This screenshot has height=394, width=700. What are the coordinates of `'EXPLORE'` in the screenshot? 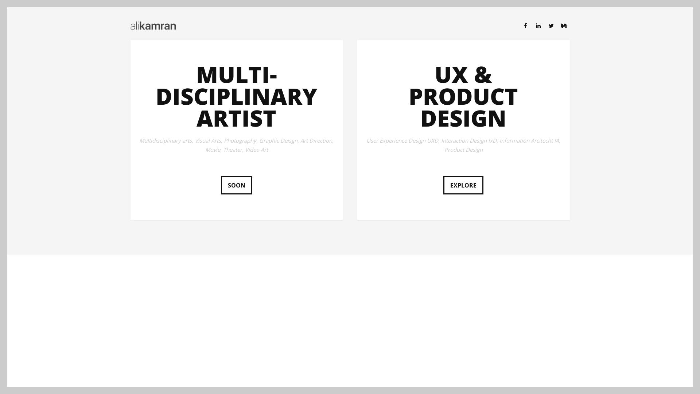 It's located at (463, 185).